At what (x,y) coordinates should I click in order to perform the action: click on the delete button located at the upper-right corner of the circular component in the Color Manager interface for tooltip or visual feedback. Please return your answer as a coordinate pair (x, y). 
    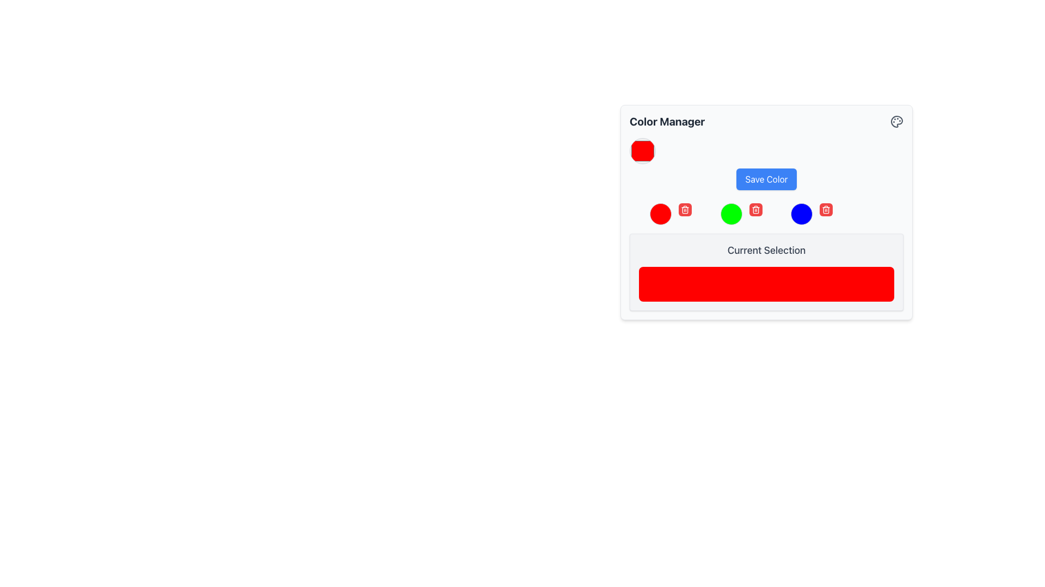
    Looking at the image, I should click on (684, 209).